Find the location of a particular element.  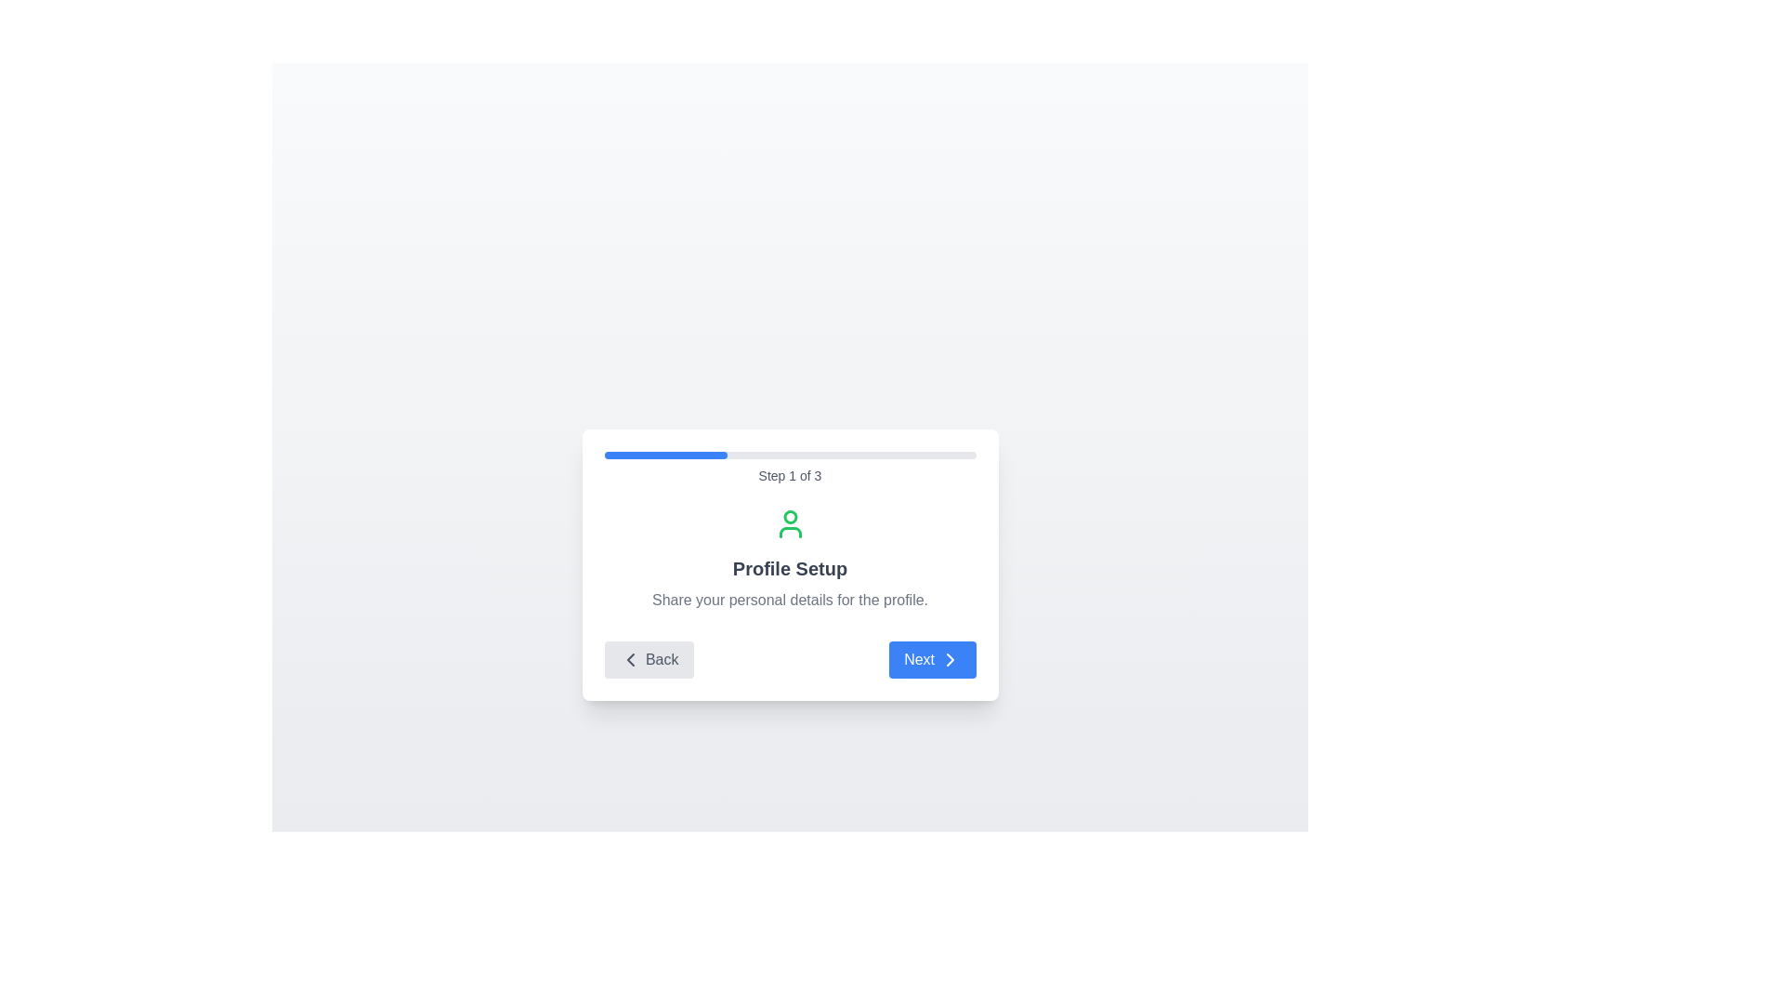

the right-facing chevron arrow icon on the blue background, located to the right of the 'Next' text on the button, to proceed to the next stage is located at coordinates (950, 659).